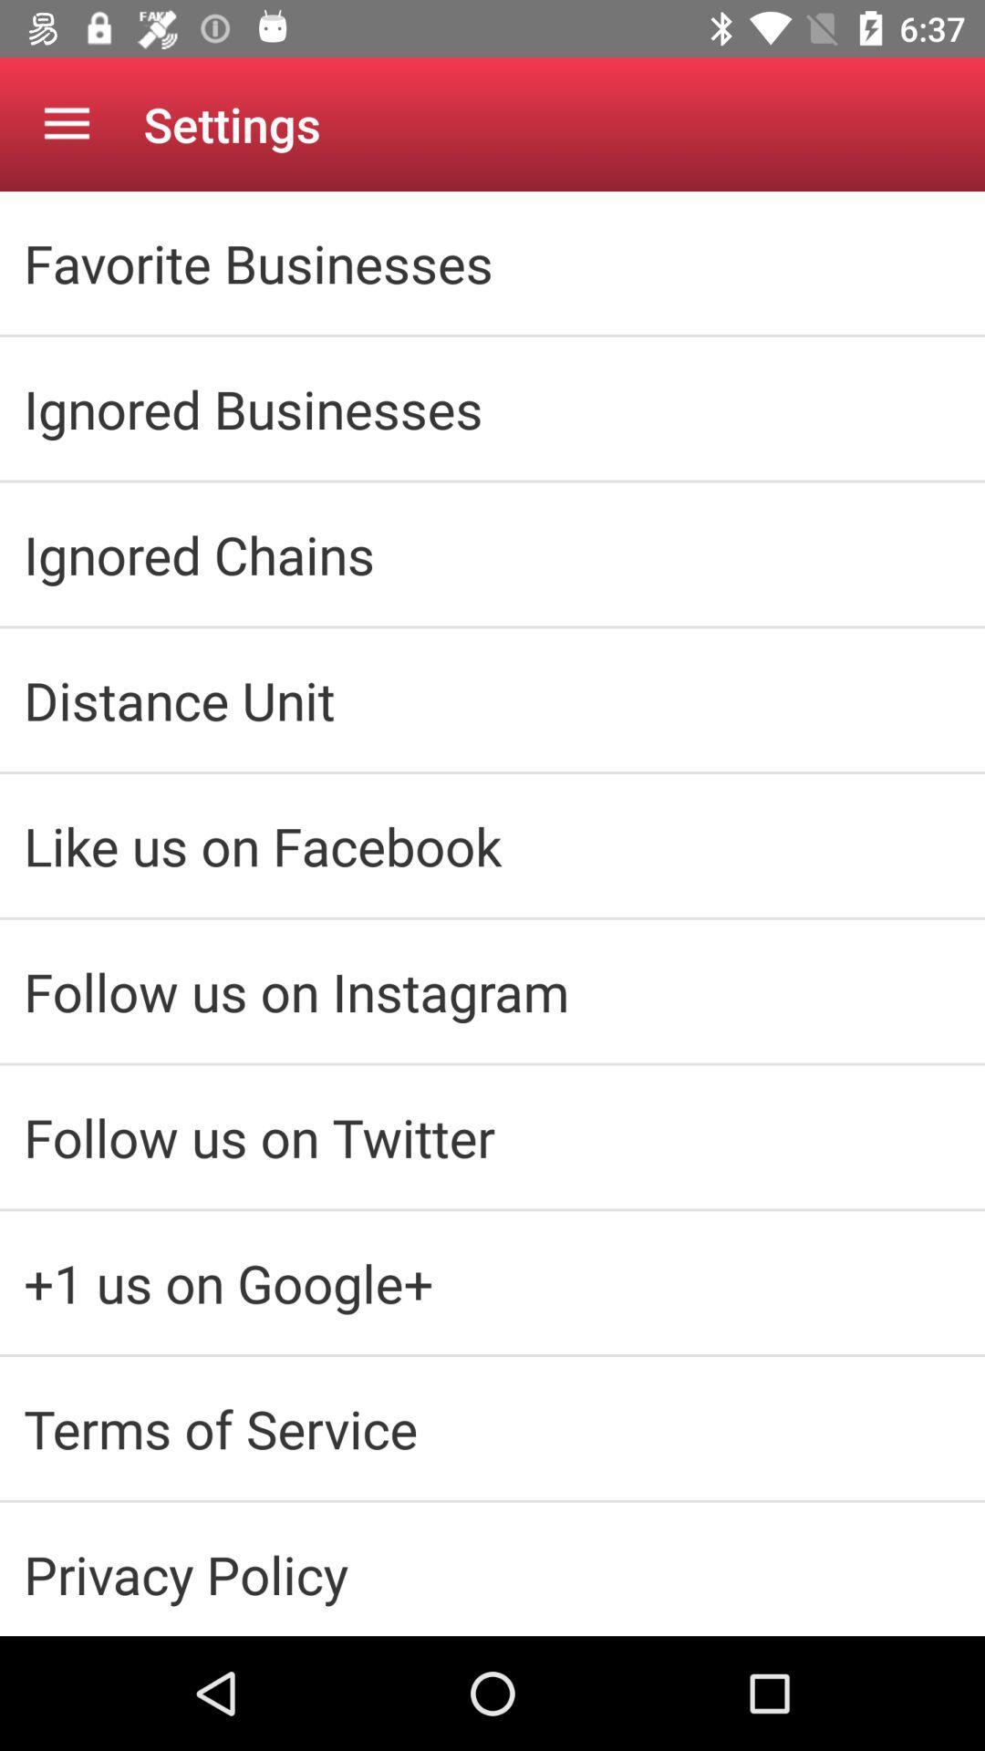 Image resolution: width=985 pixels, height=1751 pixels. What do you see at coordinates (493, 1573) in the screenshot?
I see `the privacy policy icon` at bounding box center [493, 1573].